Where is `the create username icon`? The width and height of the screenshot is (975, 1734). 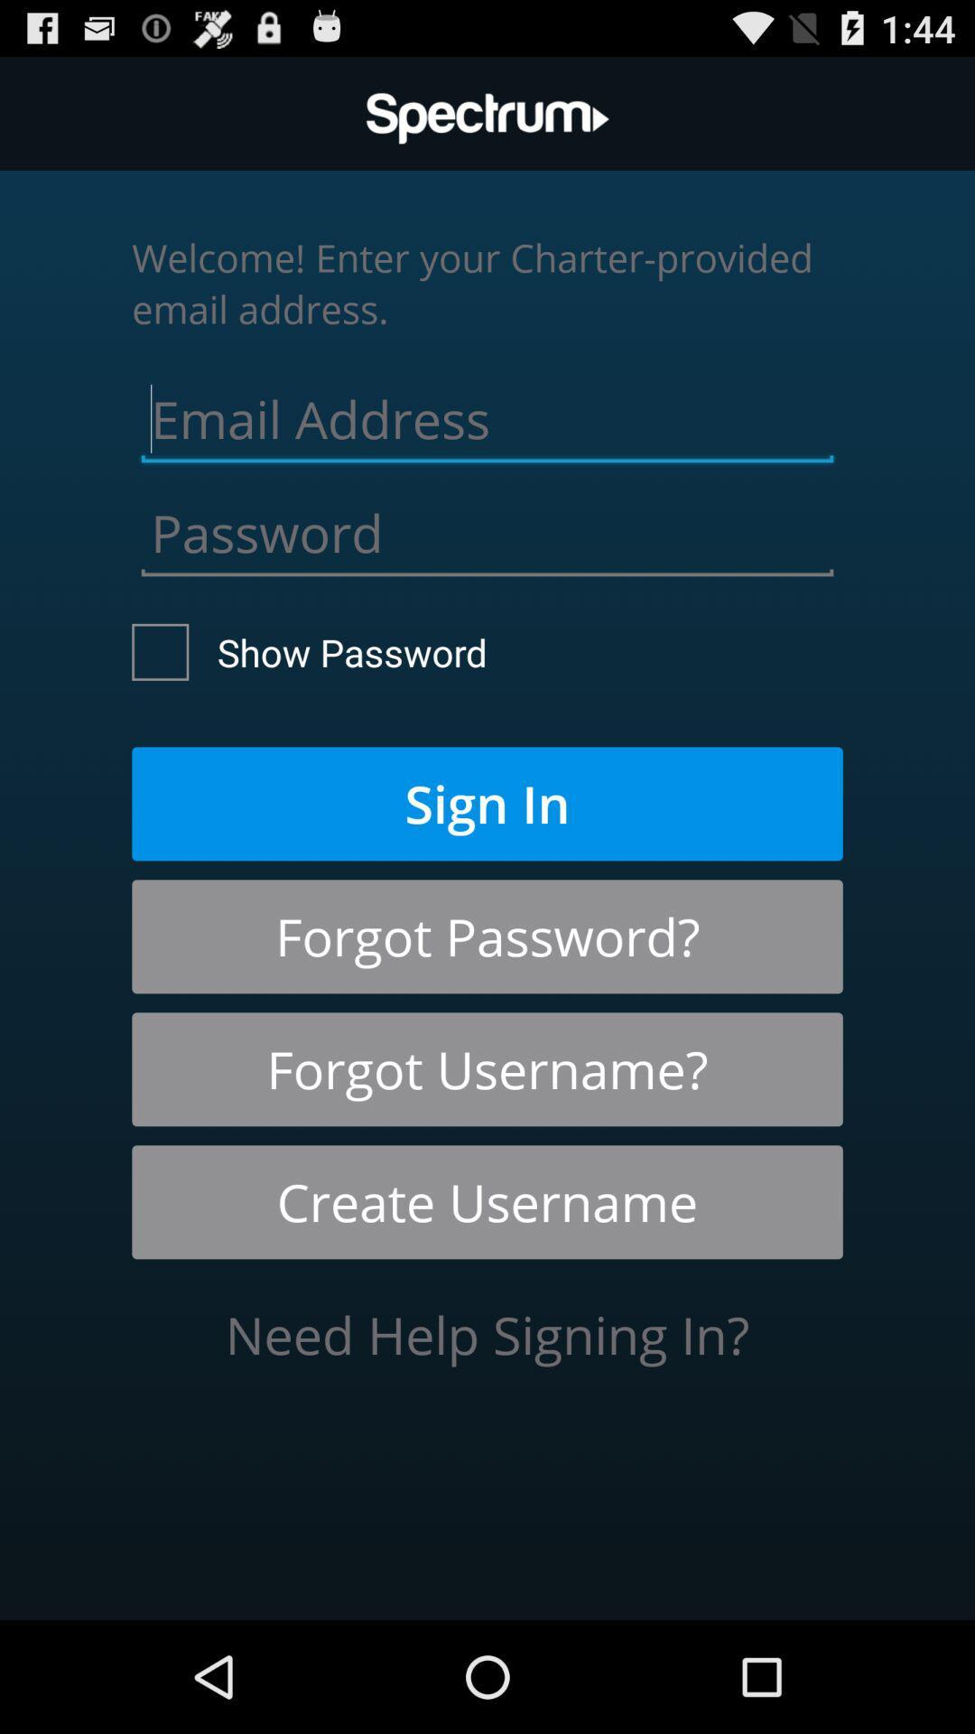 the create username icon is located at coordinates (487, 1202).